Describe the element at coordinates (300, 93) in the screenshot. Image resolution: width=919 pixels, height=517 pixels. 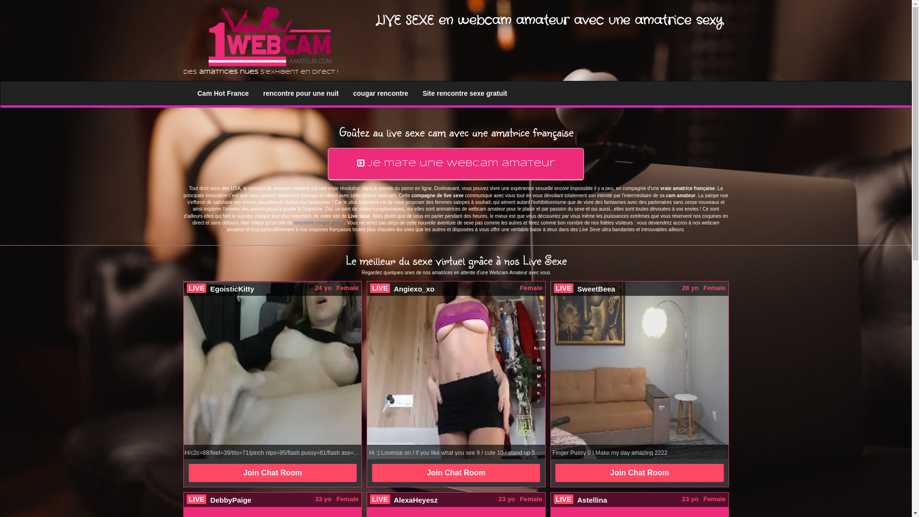
I see `'rencontre pour une nuit'` at that location.